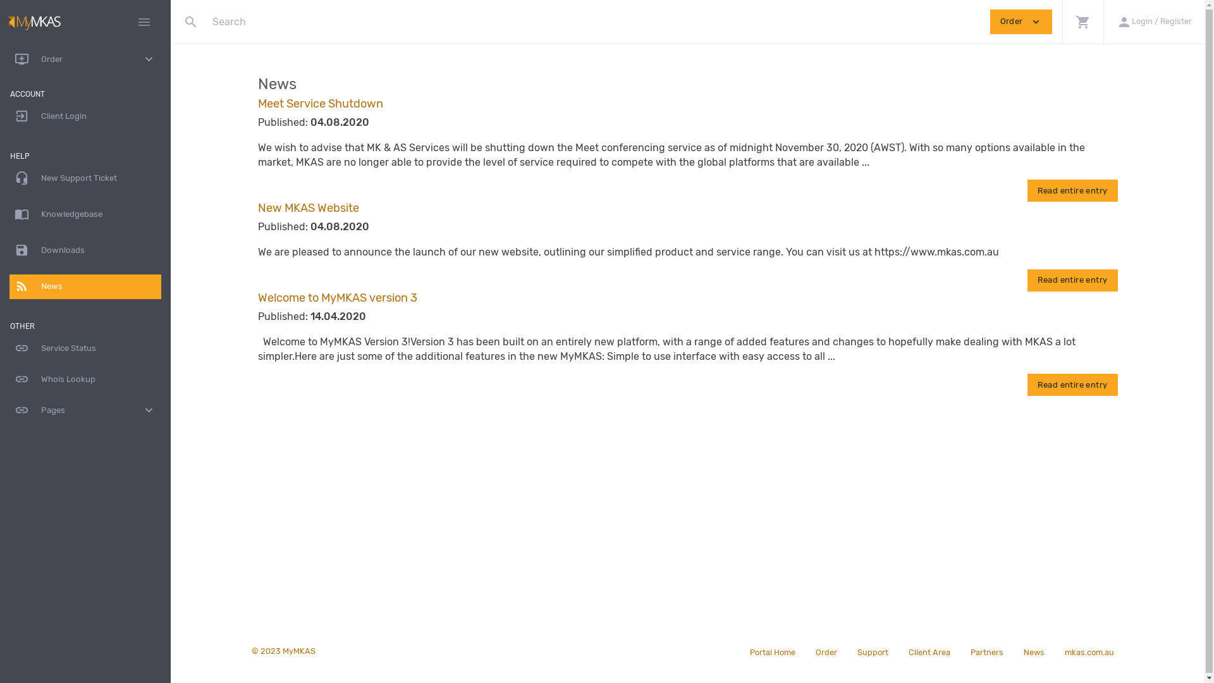 The width and height of the screenshot is (1214, 683). Describe the element at coordinates (337, 297) in the screenshot. I see `'Welcome to MyMKAS version 3'` at that location.